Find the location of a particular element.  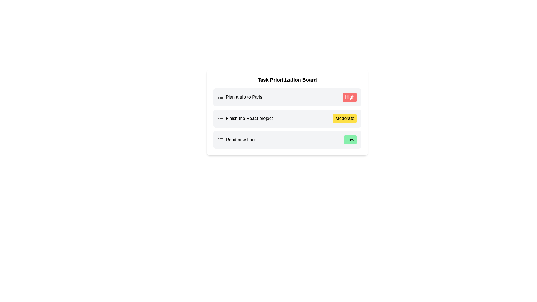

the 'High' label or badge, which is a rectangular button with rounded corners, styled with a red background and white text, located at the top right of the task entry labeled 'Plan a trip to Paris' is located at coordinates (349, 97).